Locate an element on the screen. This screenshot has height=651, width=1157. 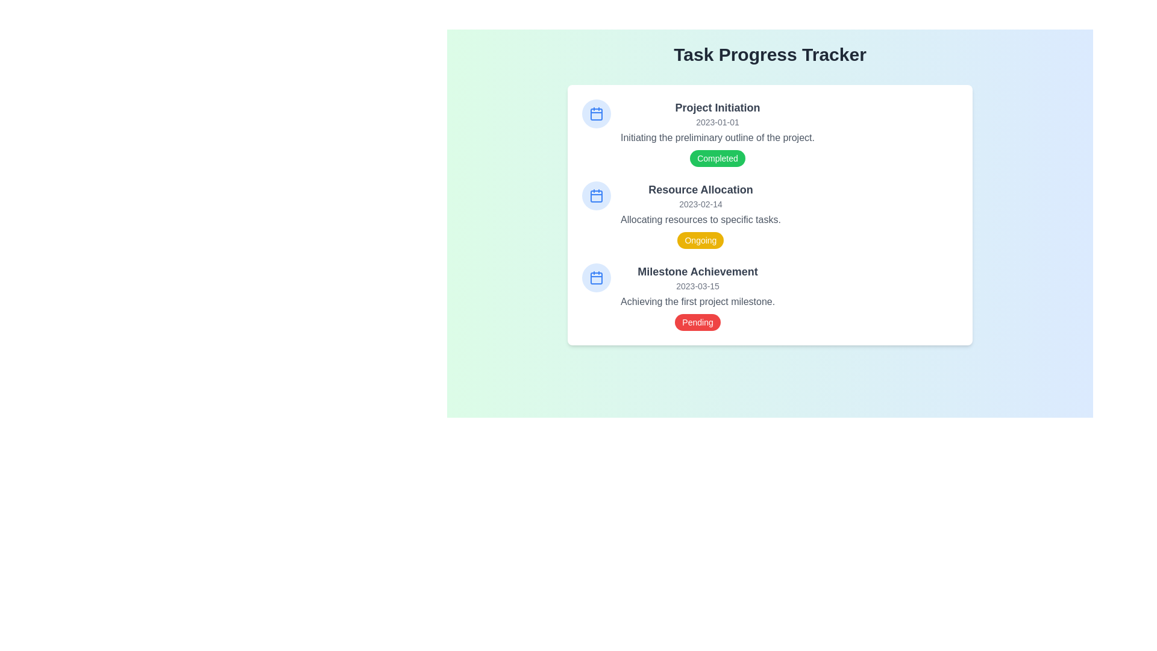
milestone information displayed on the third task card in the Task Progress Tracker, which includes the title, date, description, and current status is located at coordinates (769, 297).